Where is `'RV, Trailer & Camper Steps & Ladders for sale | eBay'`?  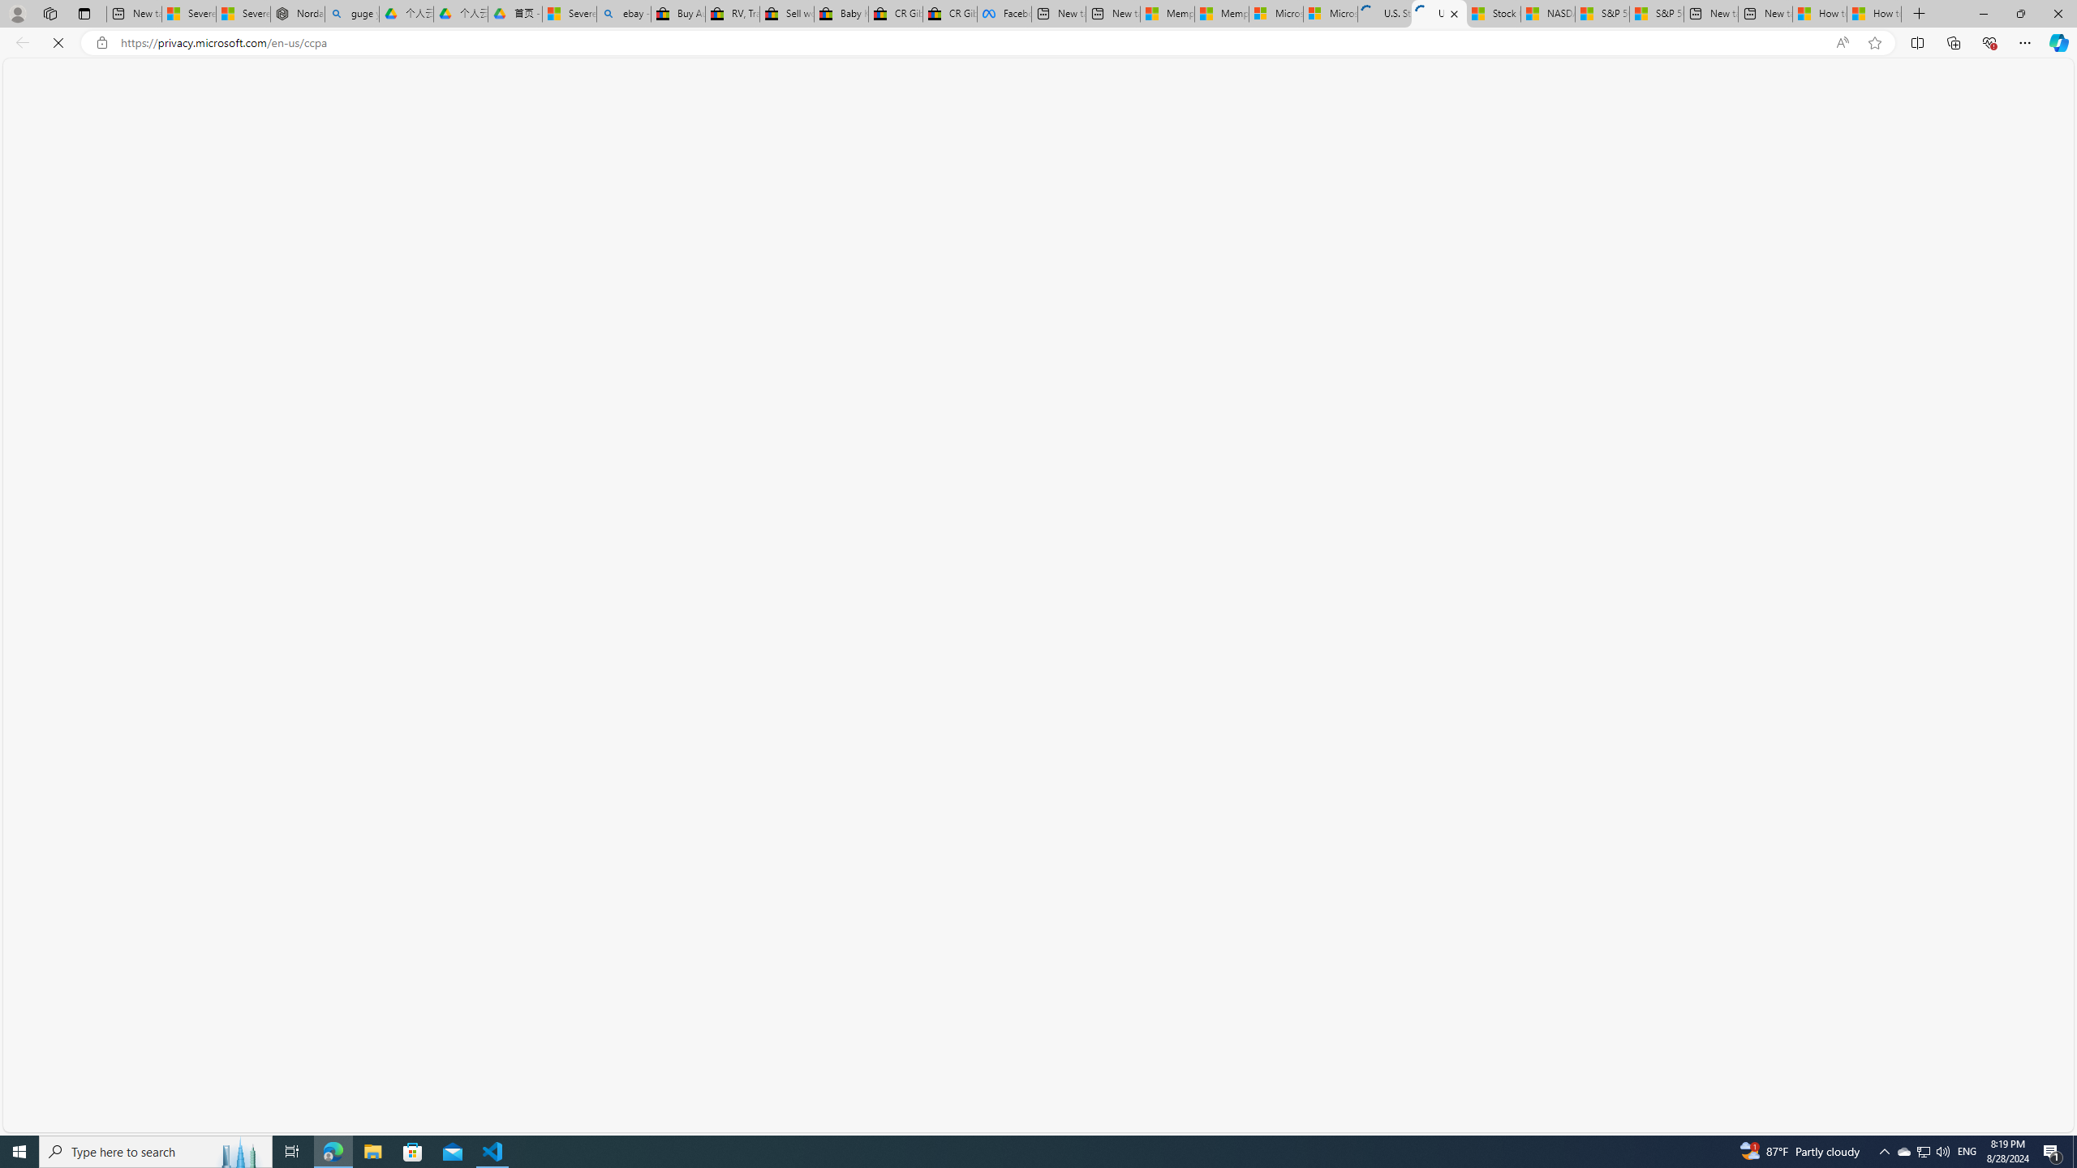 'RV, Trailer & Camper Steps & Ladders for sale | eBay' is located at coordinates (731, 13).